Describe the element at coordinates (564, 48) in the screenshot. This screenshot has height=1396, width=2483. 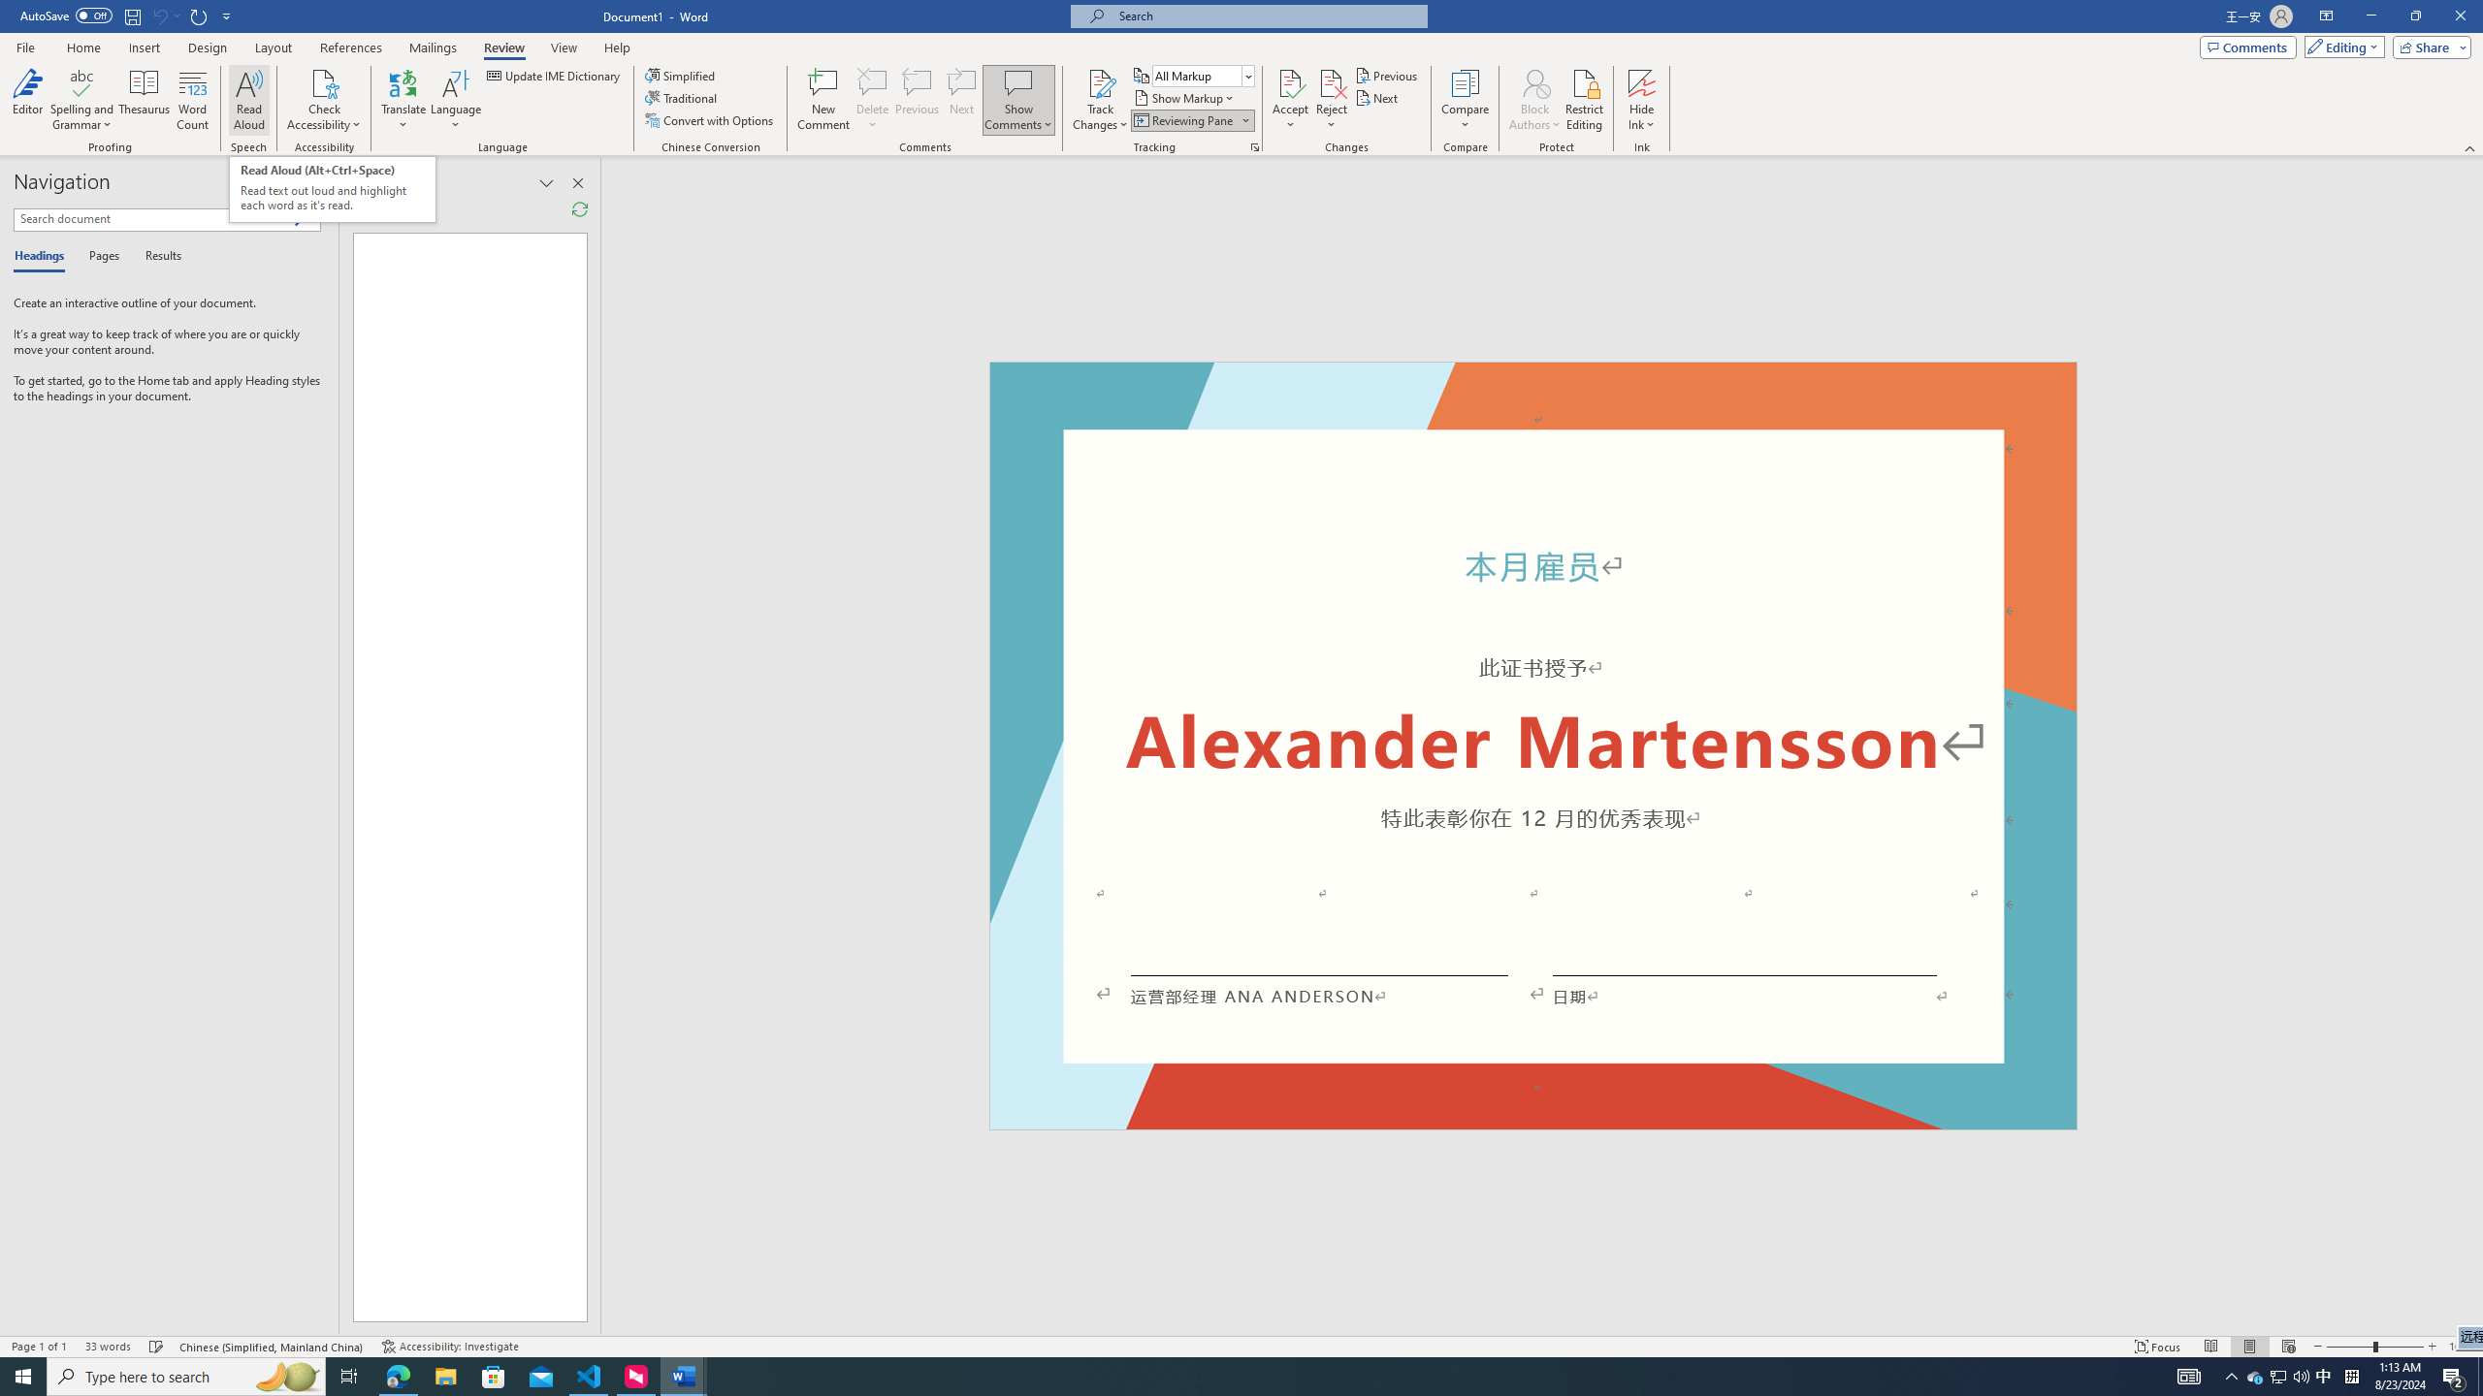
I see `'View'` at that location.